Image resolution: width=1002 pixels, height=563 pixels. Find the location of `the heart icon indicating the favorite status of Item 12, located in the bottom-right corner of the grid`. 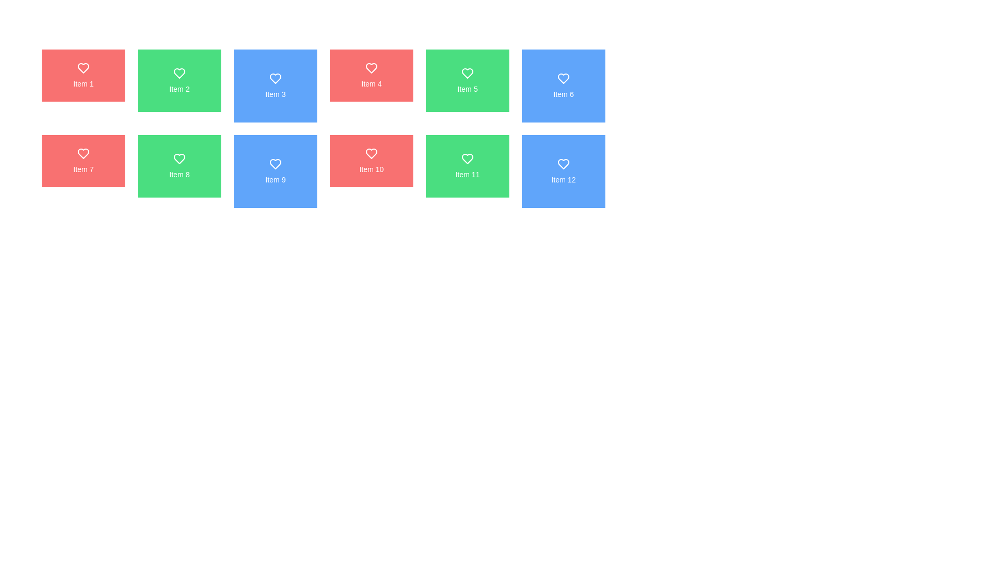

the heart icon indicating the favorite status of Item 12, located in the bottom-right corner of the grid is located at coordinates (563, 164).